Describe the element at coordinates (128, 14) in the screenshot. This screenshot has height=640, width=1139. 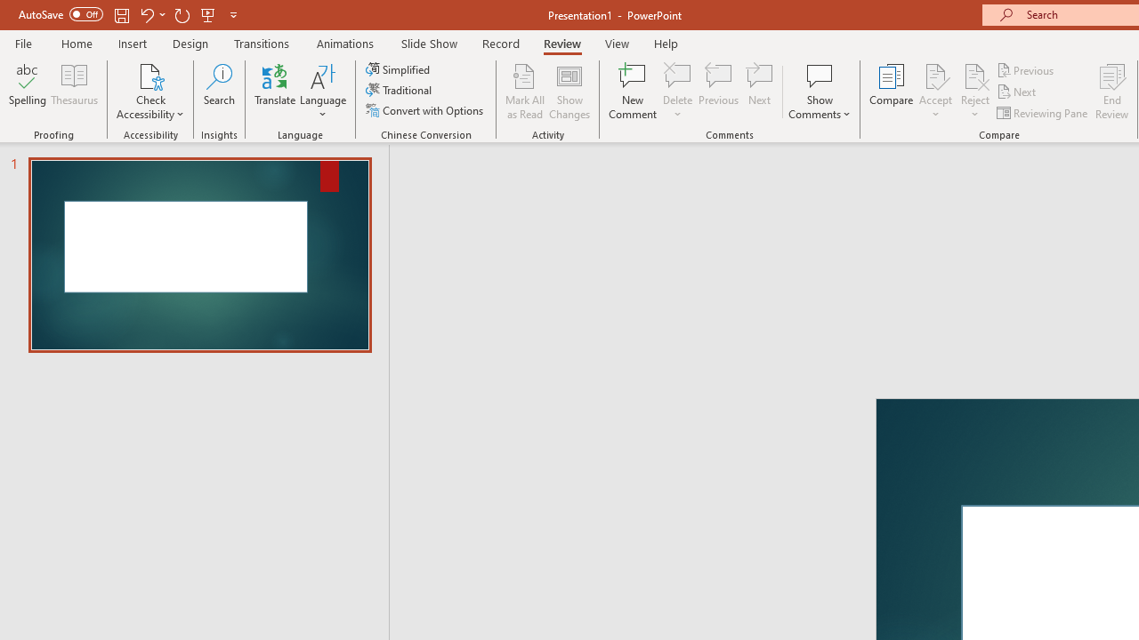
I see `'Quick Access Toolbar'` at that location.